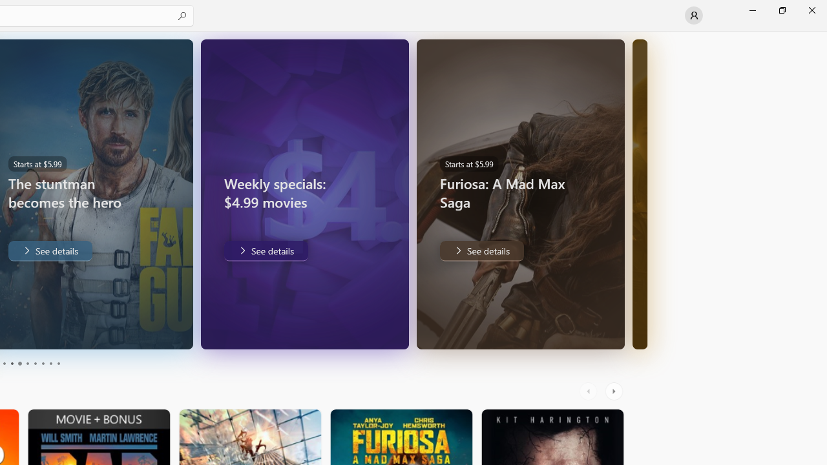 The height and width of the screenshot is (465, 827). Describe the element at coordinates (3, 364) in the screenshot. I see `'Page 3'` at that location.